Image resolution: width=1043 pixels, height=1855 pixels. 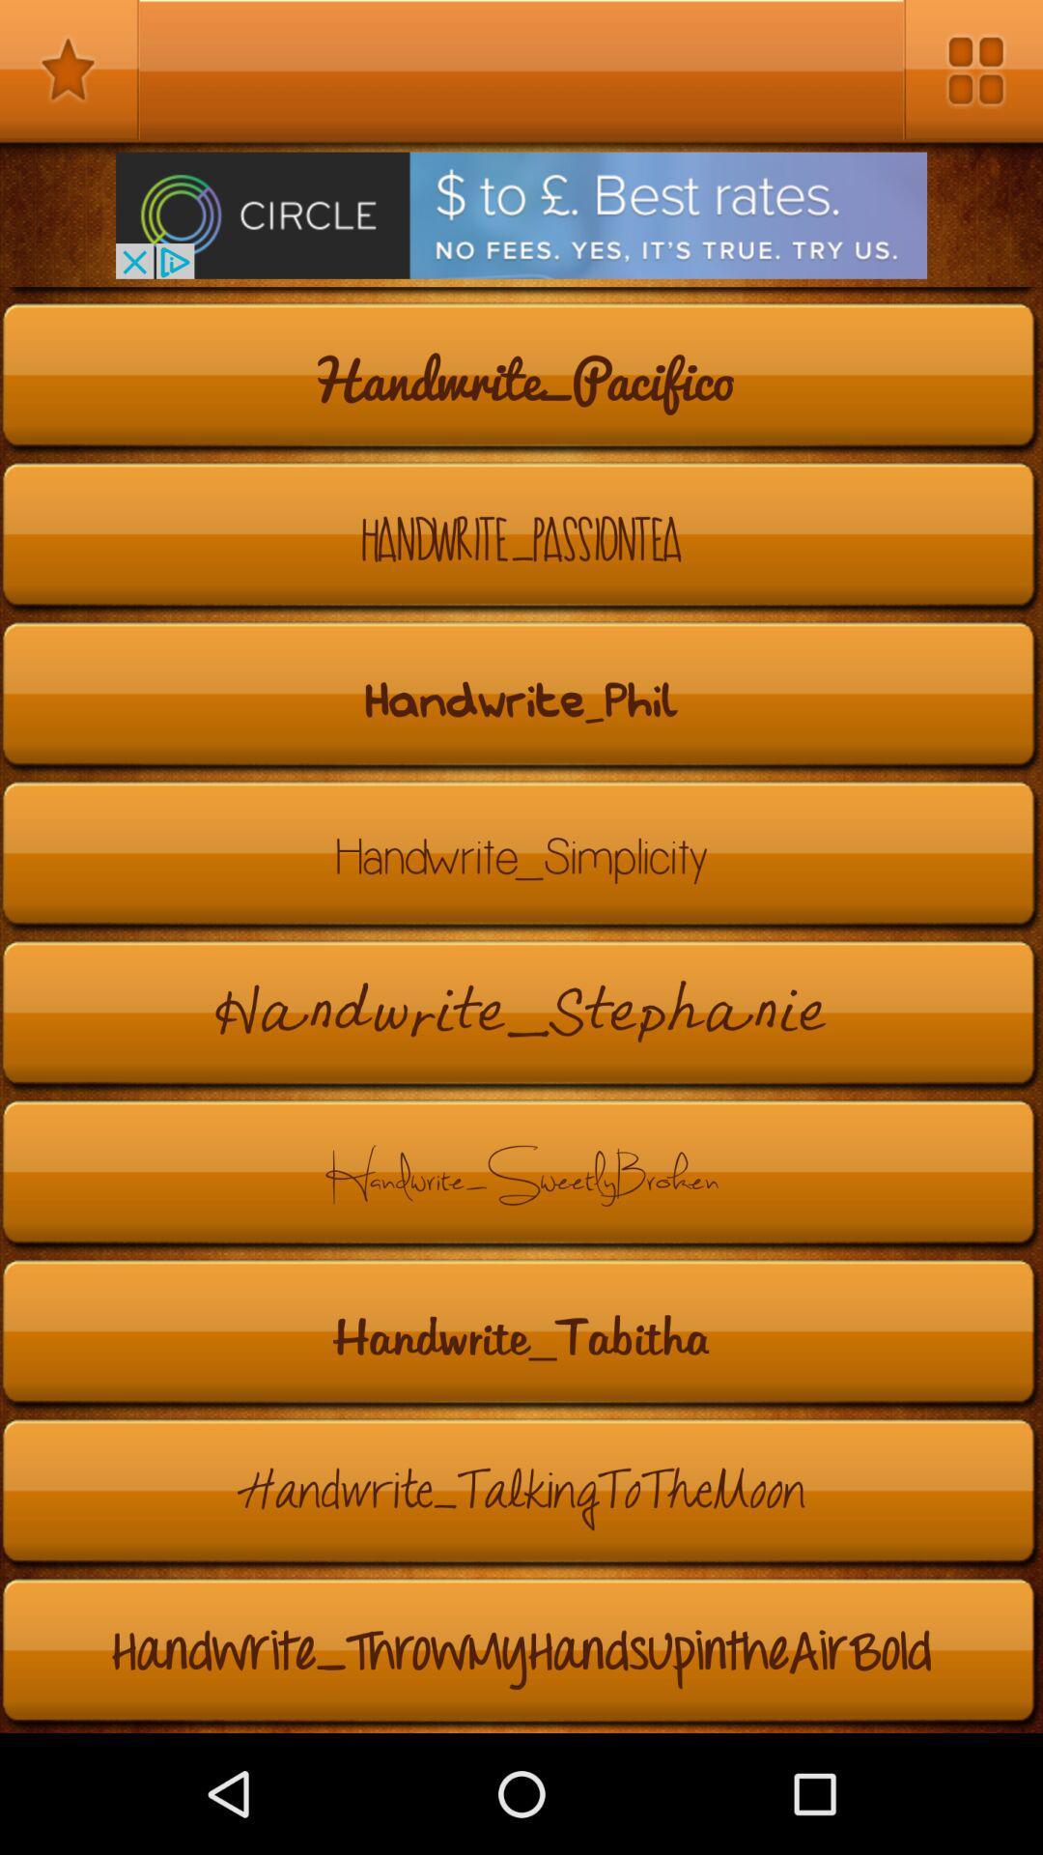 I want to click on favorites, so click(x=69, y=70).